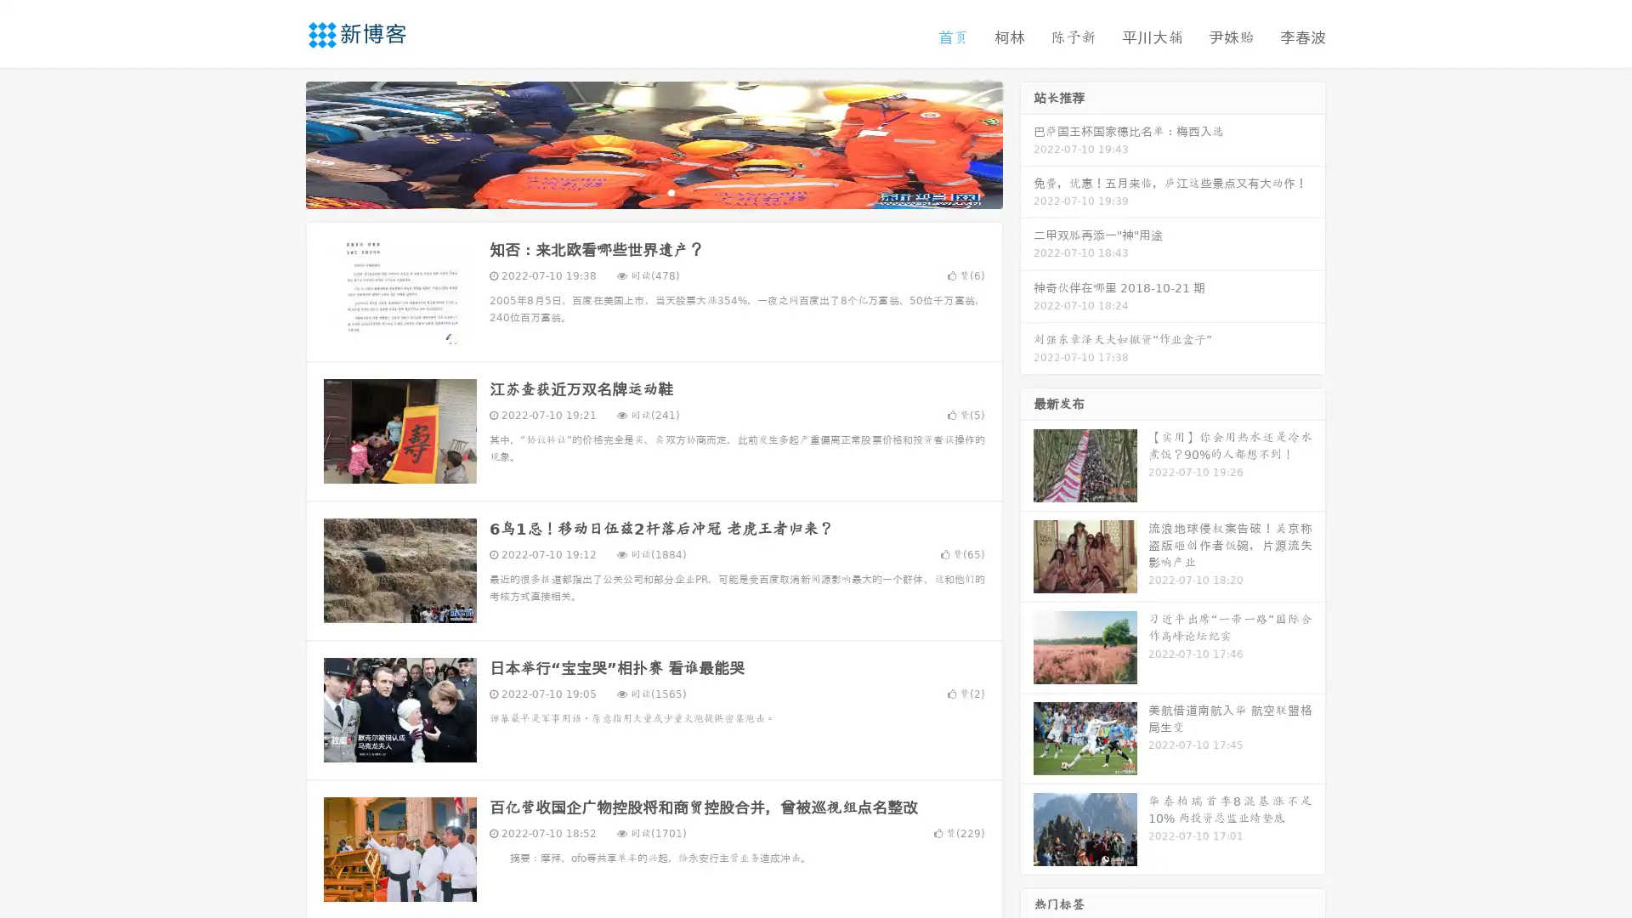 The height and width of the screenshot is (918, 1632). I want to click on Go to slide 2, so click(653, 191).